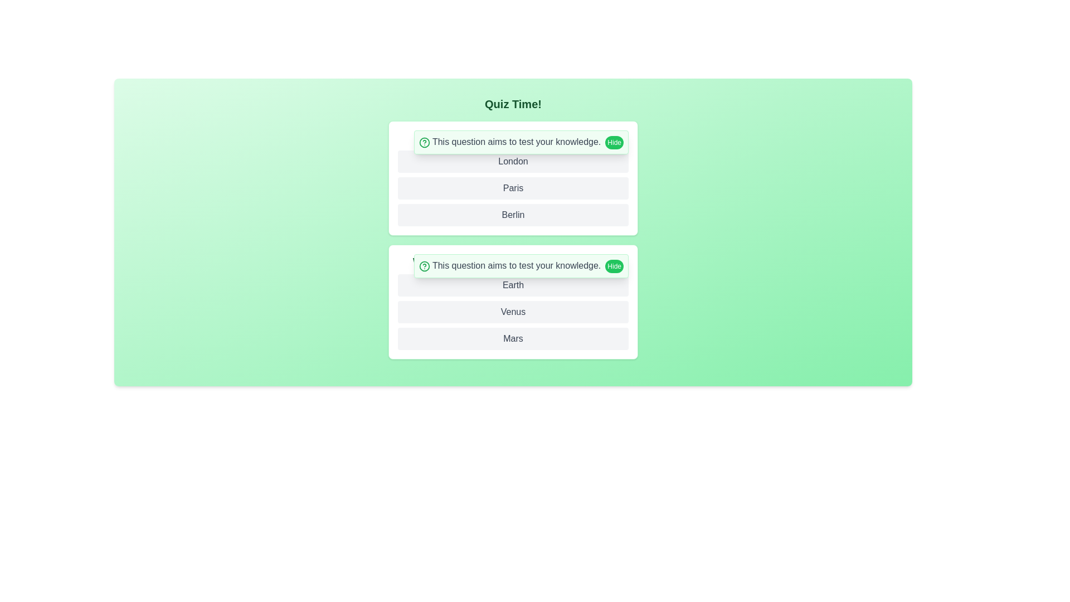  Describe the element at coordinates (614, 266) in the screenshot. I see `the button located at the top-right corner of the quiz question block, immediately following the text 'This question aims to test your knowledge.' to observe style changes` at that location.